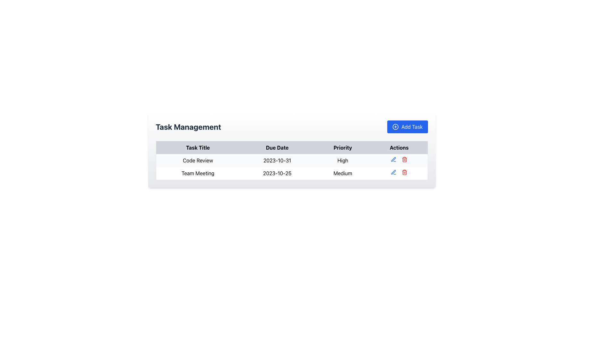 This screenshot has height=346, width=616. Describe the element at coordinates (404, 172) in the screenshot. I see `the vertical rounded body of the trash can icon in the 'Actions' column of the second row for the 'Team Meeting' task` at that location.